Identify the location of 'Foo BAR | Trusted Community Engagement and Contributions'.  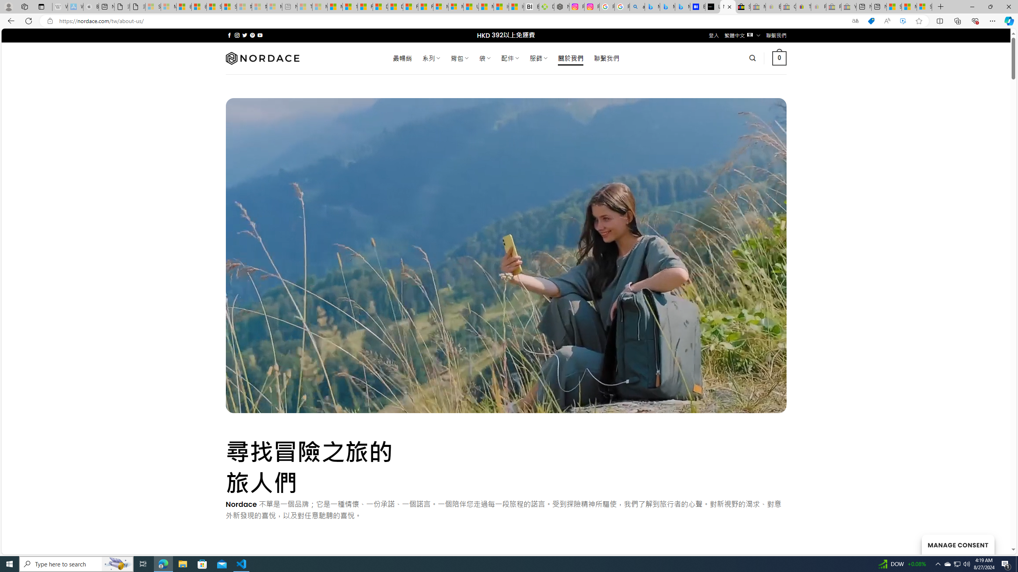
(425, 6).